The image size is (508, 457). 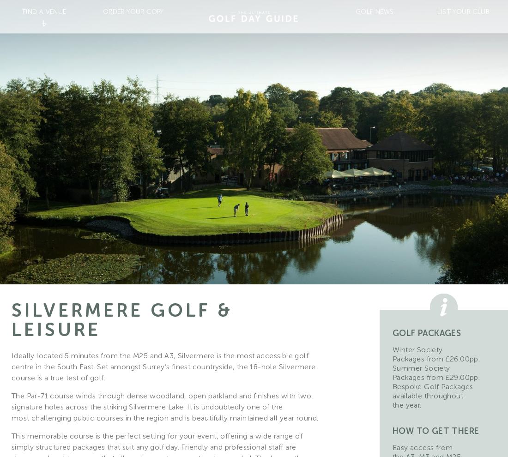 What do you see at coordinates (406, 405) in the screenshot?
I see `'the year.'` at bounding box center [406, 405].